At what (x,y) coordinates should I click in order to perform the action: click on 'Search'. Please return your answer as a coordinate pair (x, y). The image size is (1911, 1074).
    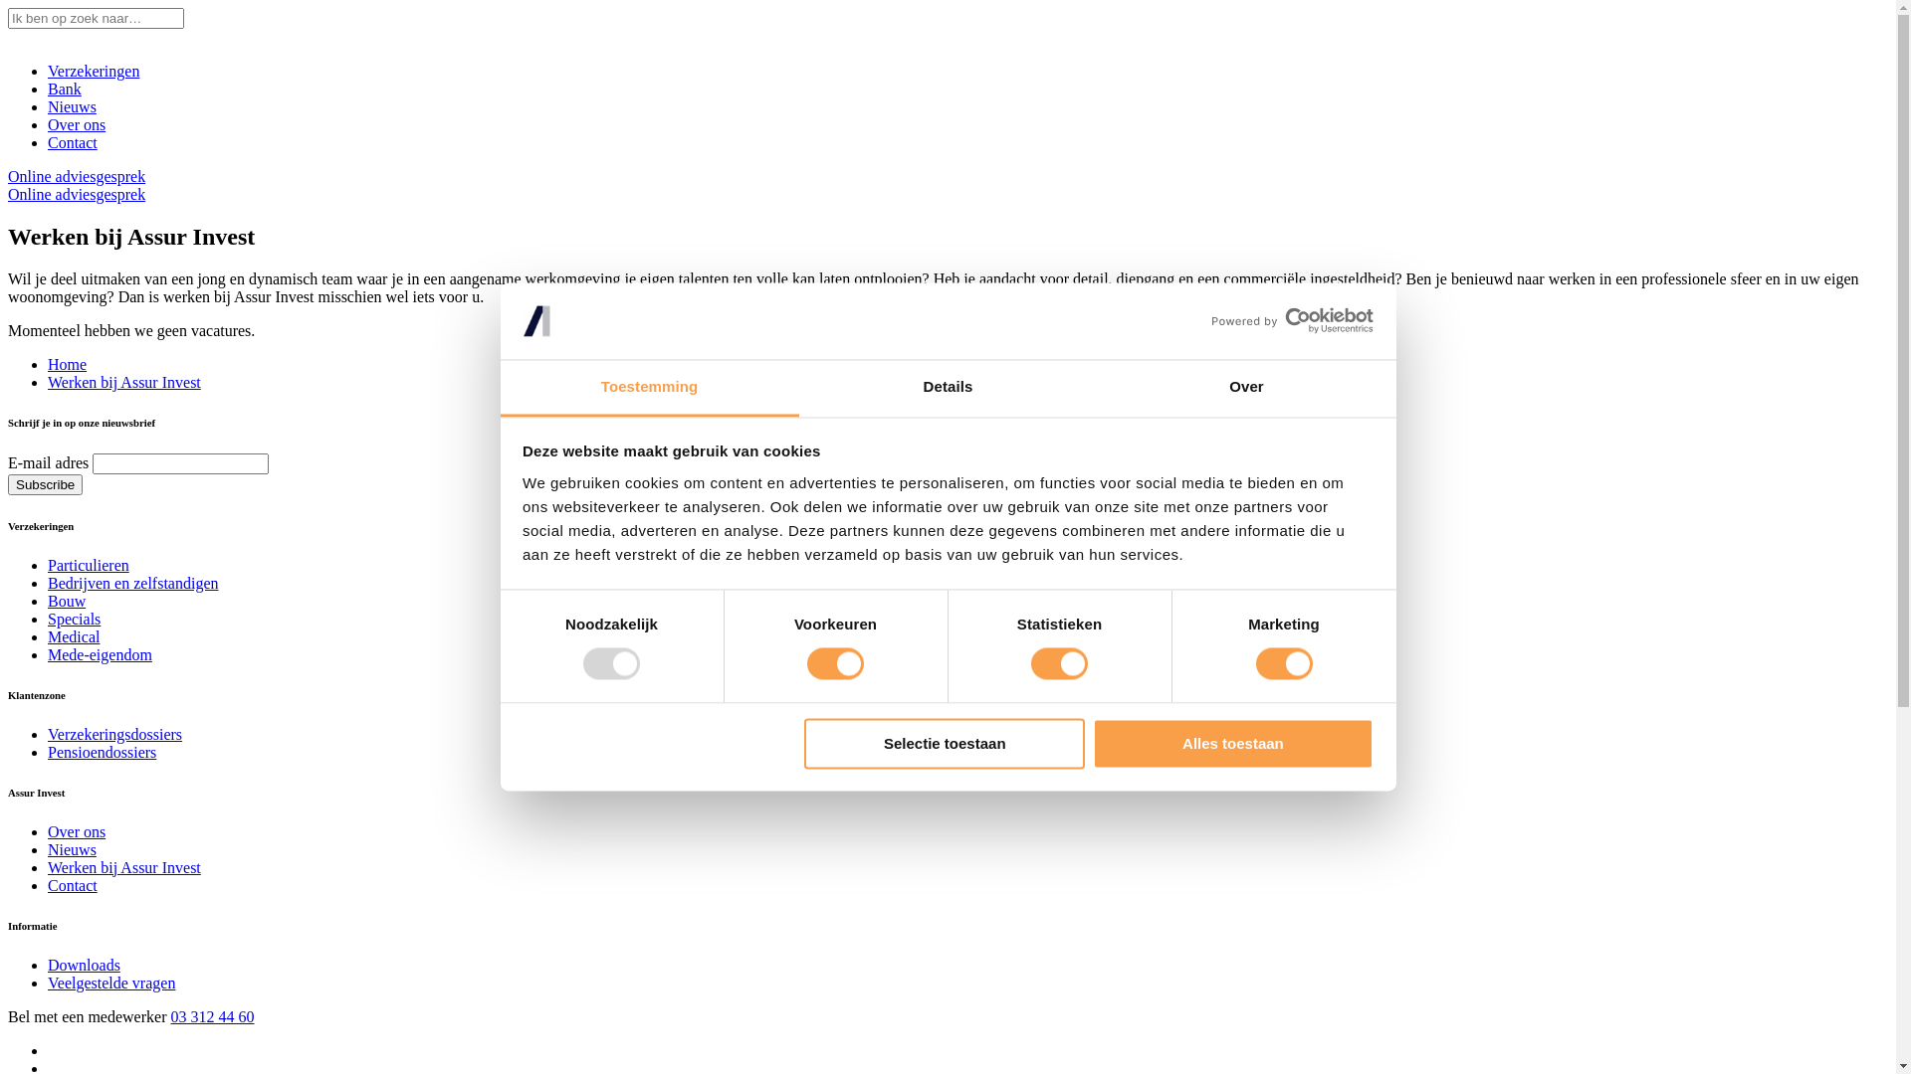
    Looking at the image, I should click on (28, 10).